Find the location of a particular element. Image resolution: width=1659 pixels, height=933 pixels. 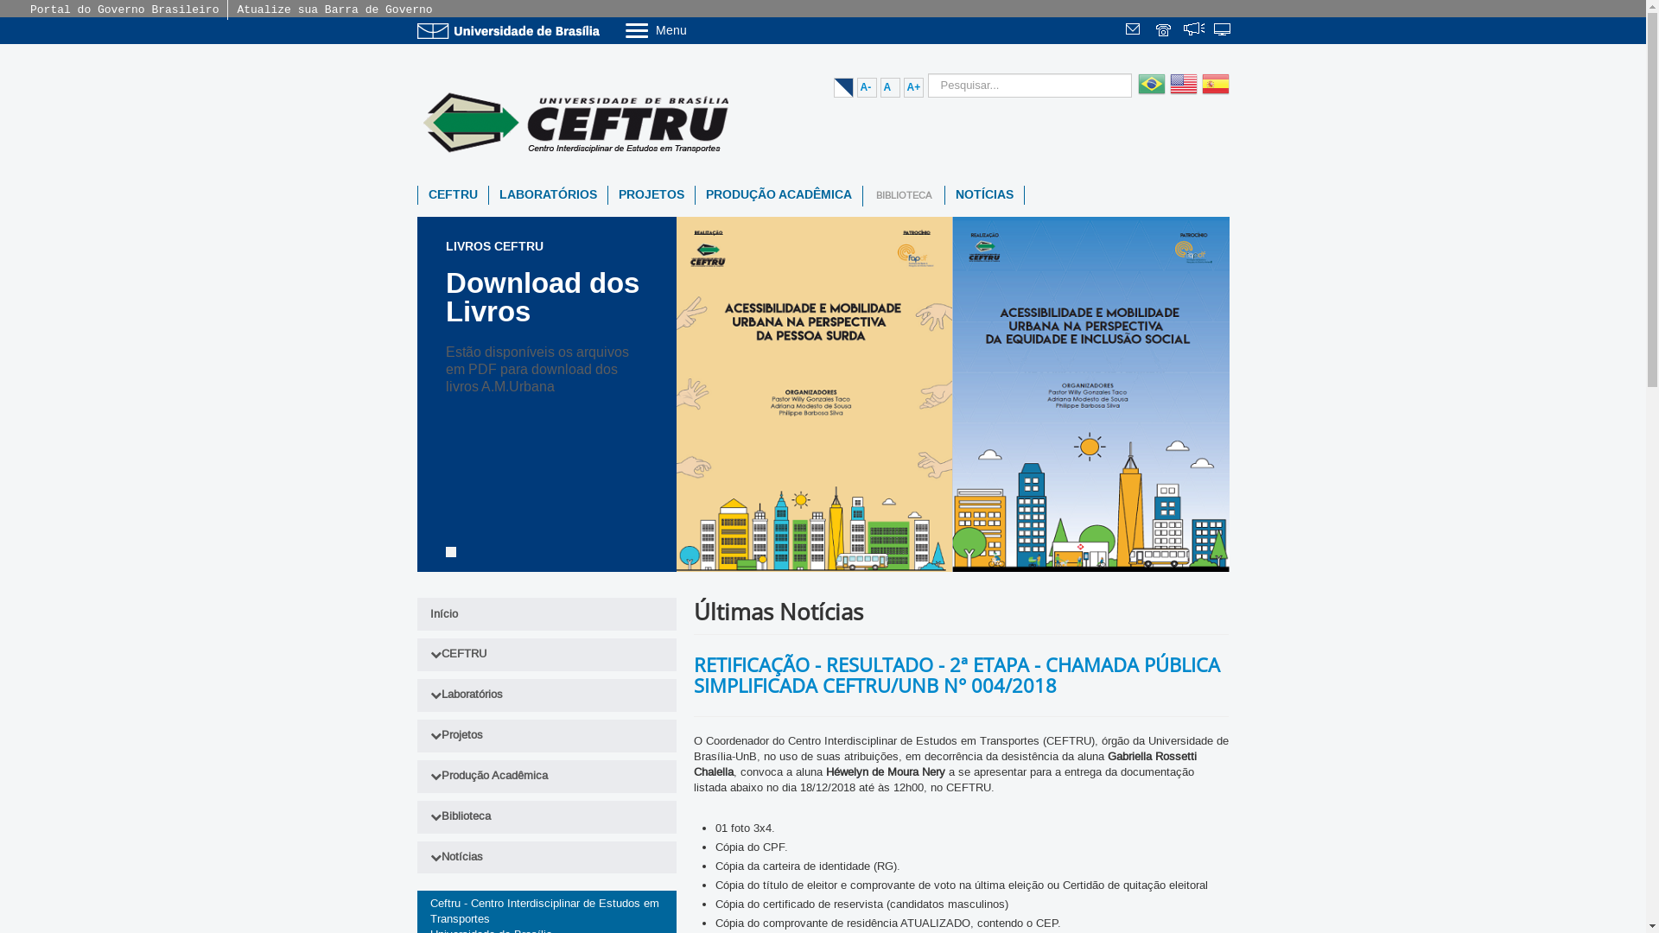

'Biblioteca' is located at coordinates (416, 816).